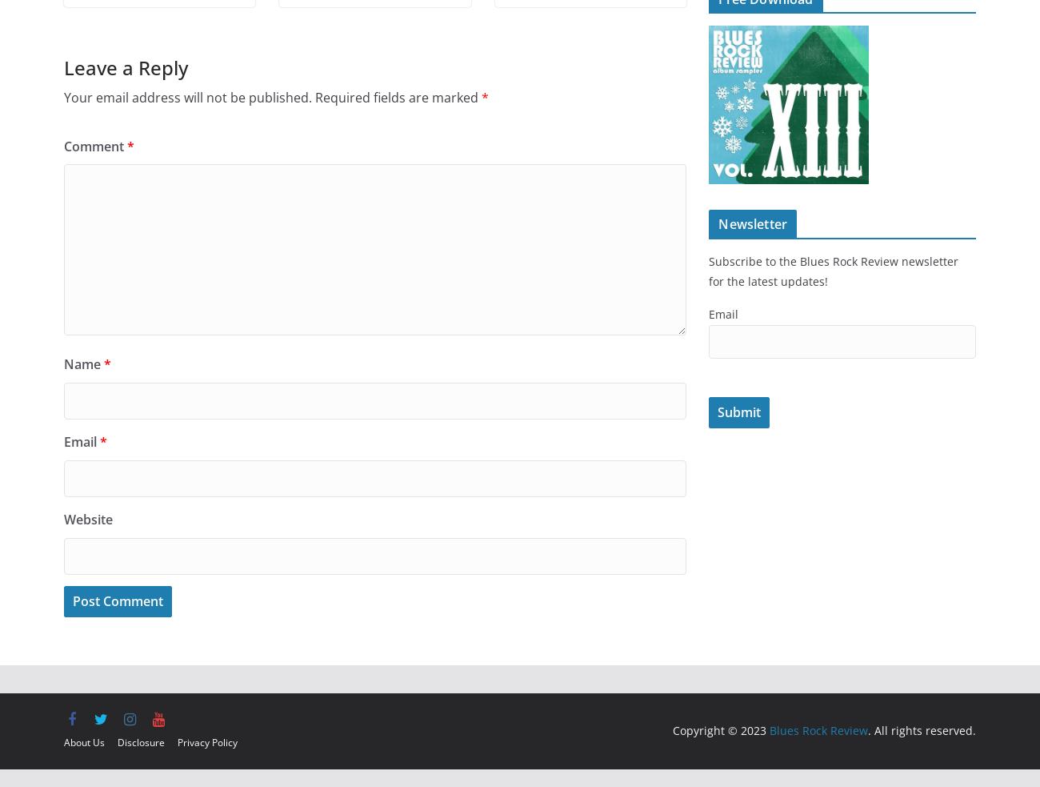 This screenshot has height=787, width=1040. I want to click on 'Privacy Policy', so click(206, 741).